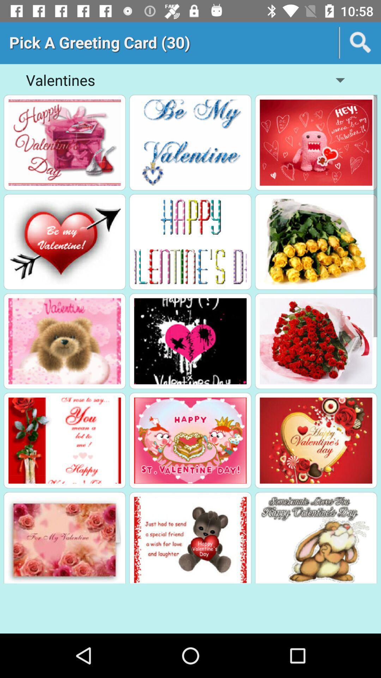  I want to click on open picture, so click(65, 440).